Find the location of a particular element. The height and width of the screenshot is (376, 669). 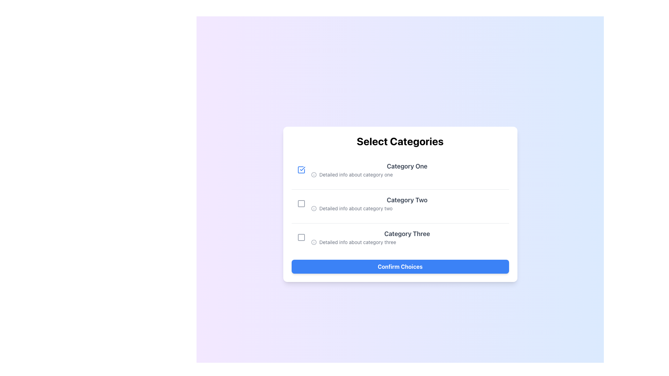

informational text associated with 'Category One', which is located in the centered dialog box labeled 'Select Categories' directly to the right of the category selection checkbox is located at coordinates (407, 170).